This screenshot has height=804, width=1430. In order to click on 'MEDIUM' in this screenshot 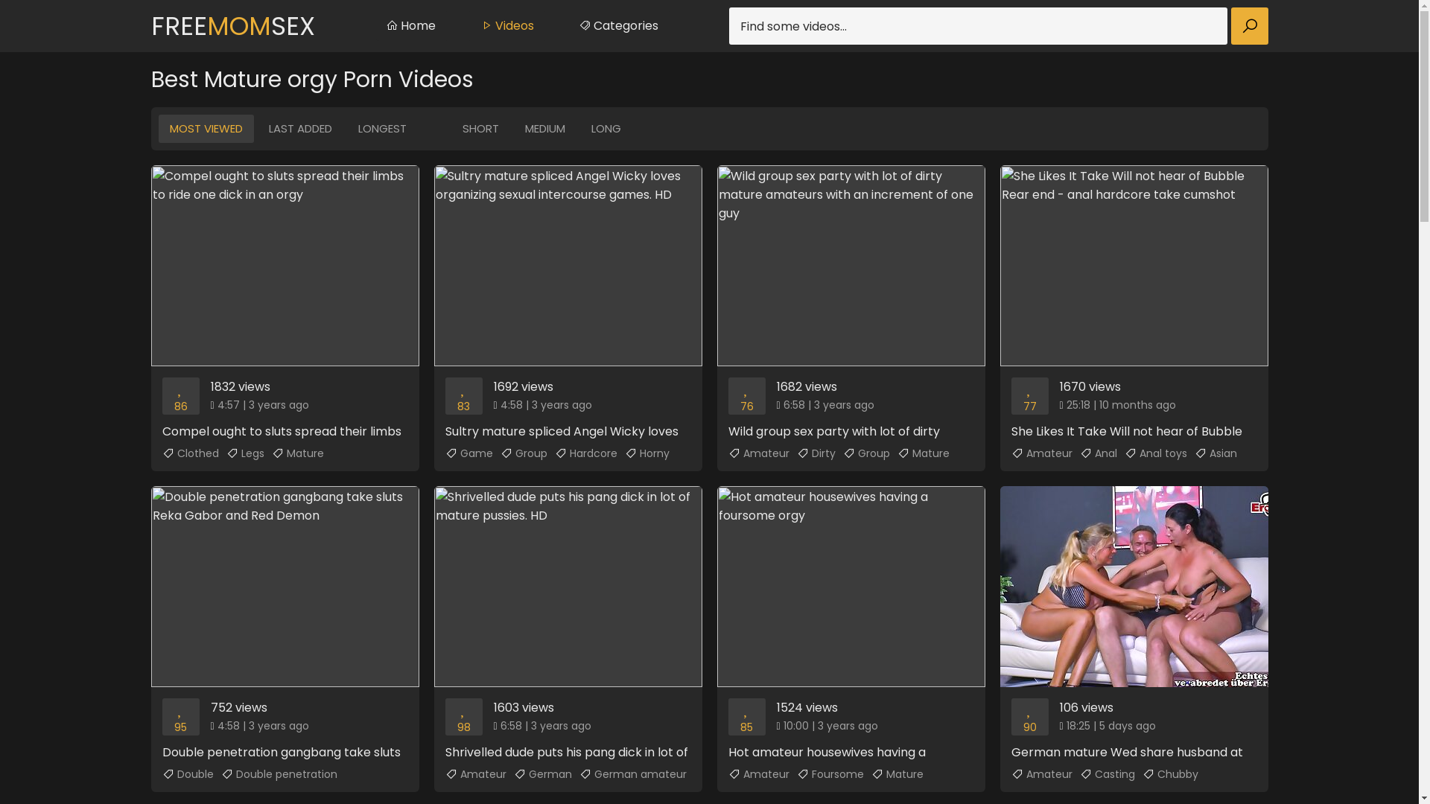, I will do `click(544, 128)`.